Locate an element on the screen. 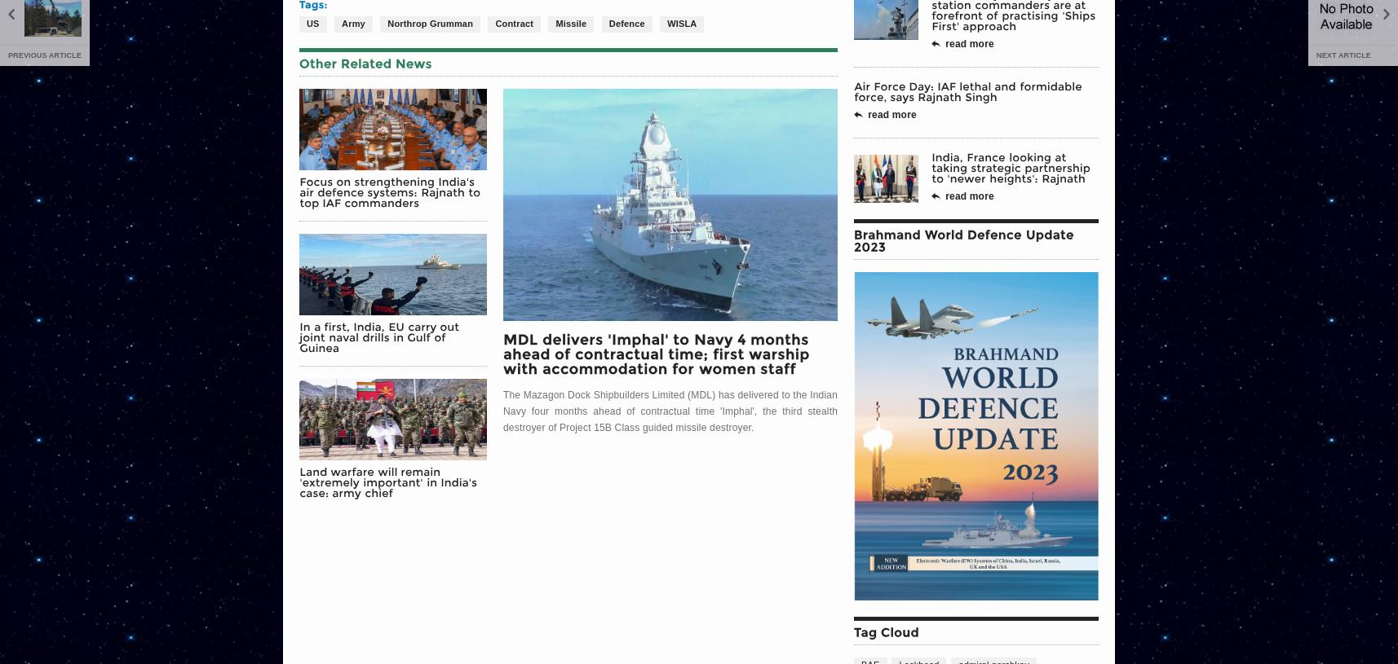 This screenshot has width=1398, height=664. 'Northrop Grumman' is located at coordinates (430, 22).